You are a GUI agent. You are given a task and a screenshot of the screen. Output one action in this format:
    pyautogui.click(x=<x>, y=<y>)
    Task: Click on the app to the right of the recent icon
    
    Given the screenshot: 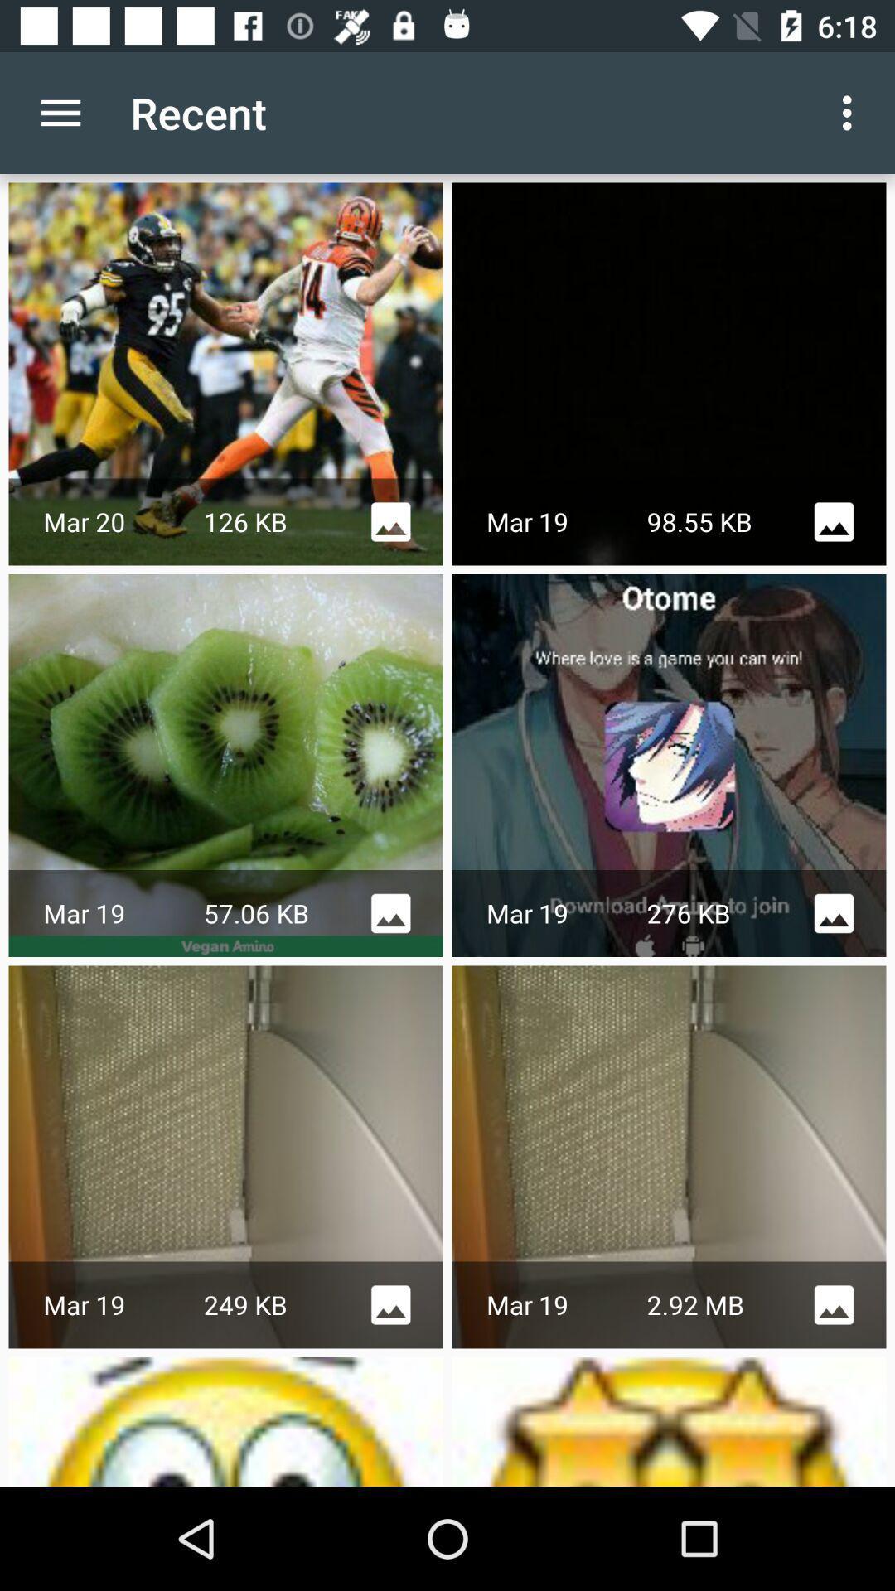 What is the action you would take?
    pyautogui.click(x=851, y=112)
    